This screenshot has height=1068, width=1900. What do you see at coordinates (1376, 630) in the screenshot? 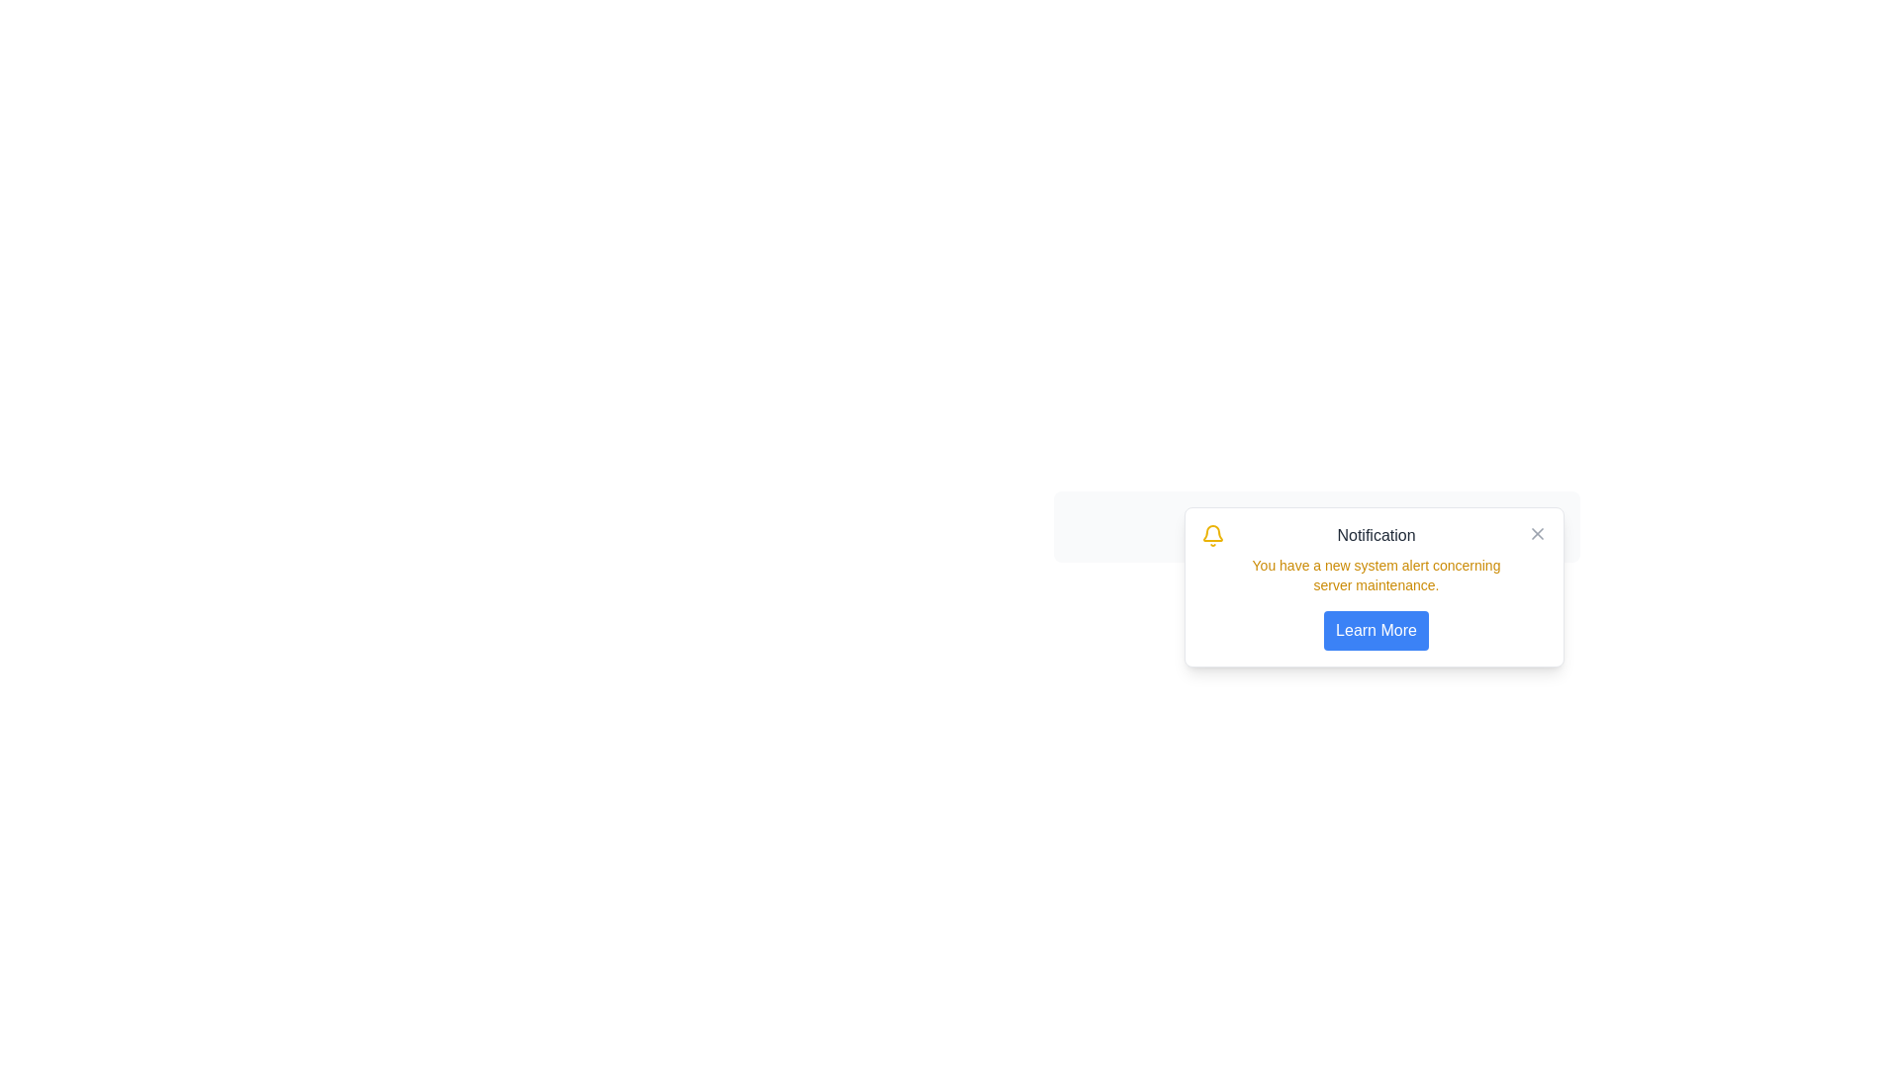
I see `the 'Learn More' button with a blue background located at the bottom-right corner of the notification dialog` at bounding box center [1376, 630].